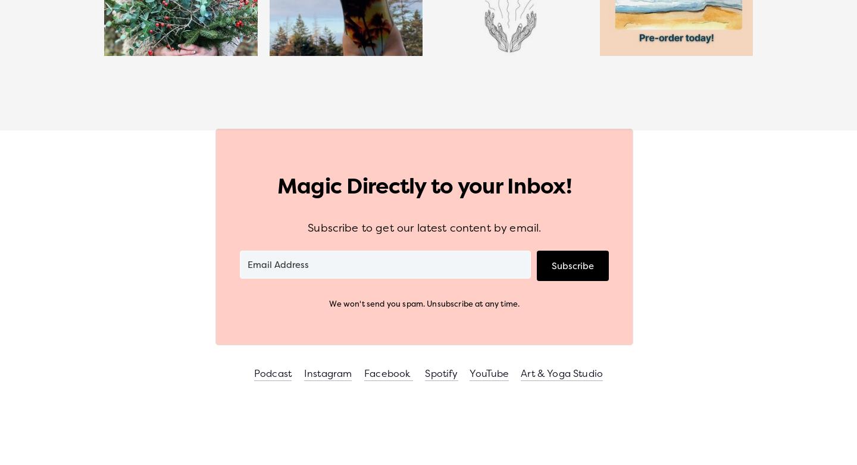 Image resolution: width=857 pixels, height=465 pixels. Describe the element at coordinates (424, 302) in the screenshot. I see `'We won't send you spam. Unsubscribe at any time.'` at that location.